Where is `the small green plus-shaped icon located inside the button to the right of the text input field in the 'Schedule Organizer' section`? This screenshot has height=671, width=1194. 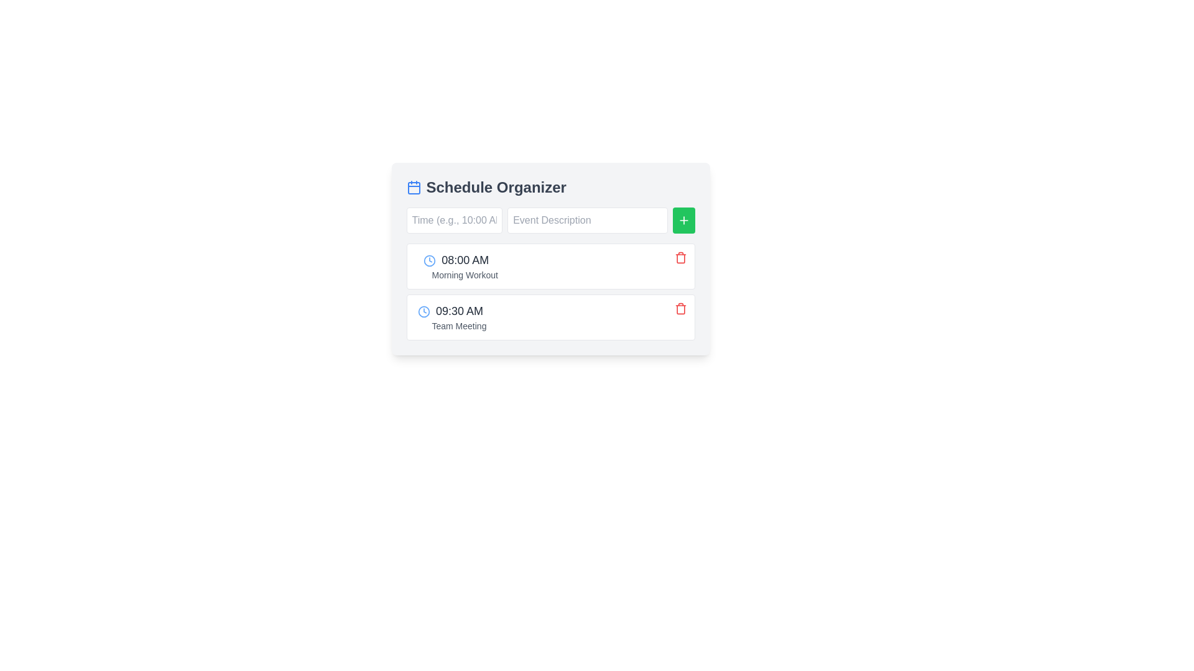 the small green plus-shaped icon located inside the button to the right of the text input field in the 'Schedule Organizer' section is located at coordinates (683, 219).